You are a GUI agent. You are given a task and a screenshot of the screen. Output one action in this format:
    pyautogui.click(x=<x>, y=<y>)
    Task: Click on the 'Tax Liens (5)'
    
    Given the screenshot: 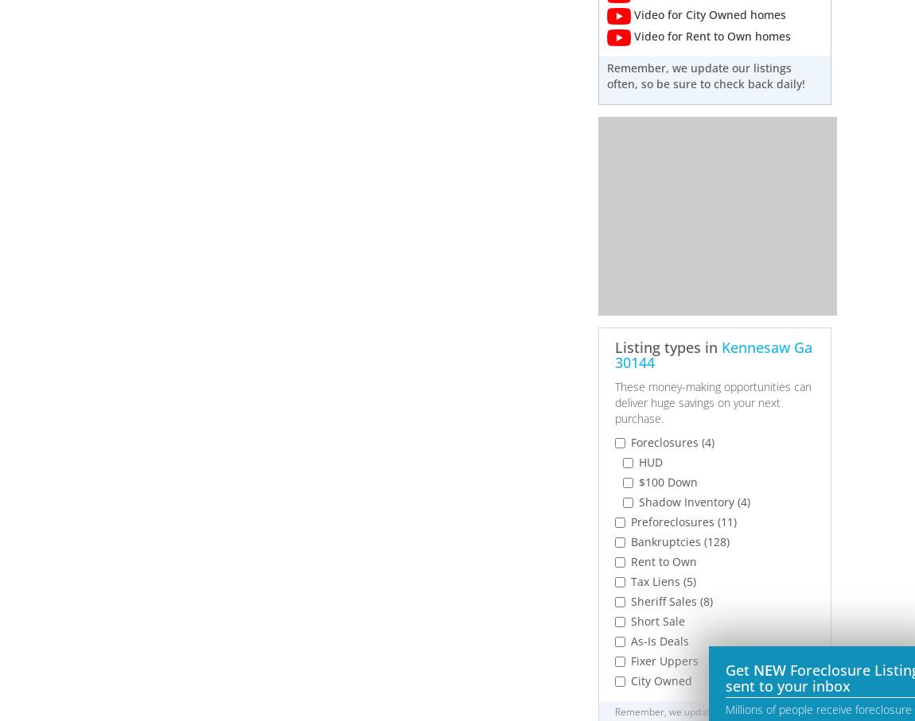 What is the action you would take?
    pyautogui.click(x=661, y=581)
    